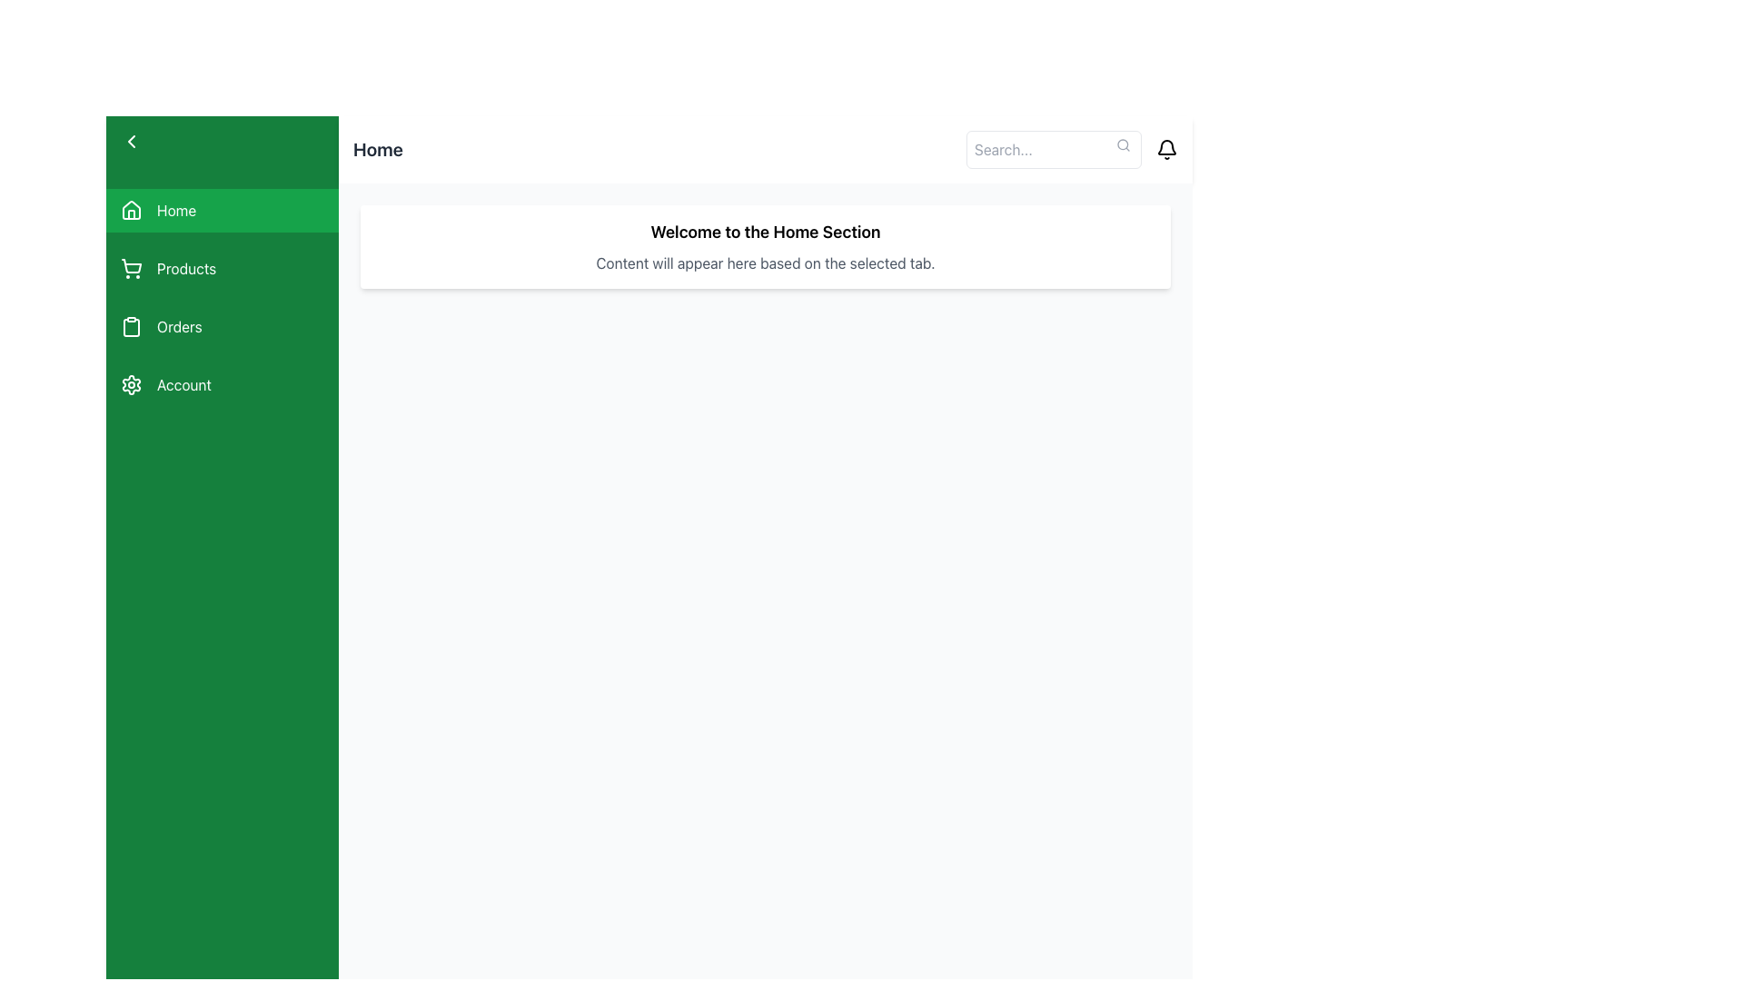 Image resolution: width=1744 pixels, height=981 pixels. What do you see at coordinates (1054, 149) in the screenshot?
I see `in the search input box with placeholder 'Search...' to focus and type a query` at bounding box center [1054, 149].